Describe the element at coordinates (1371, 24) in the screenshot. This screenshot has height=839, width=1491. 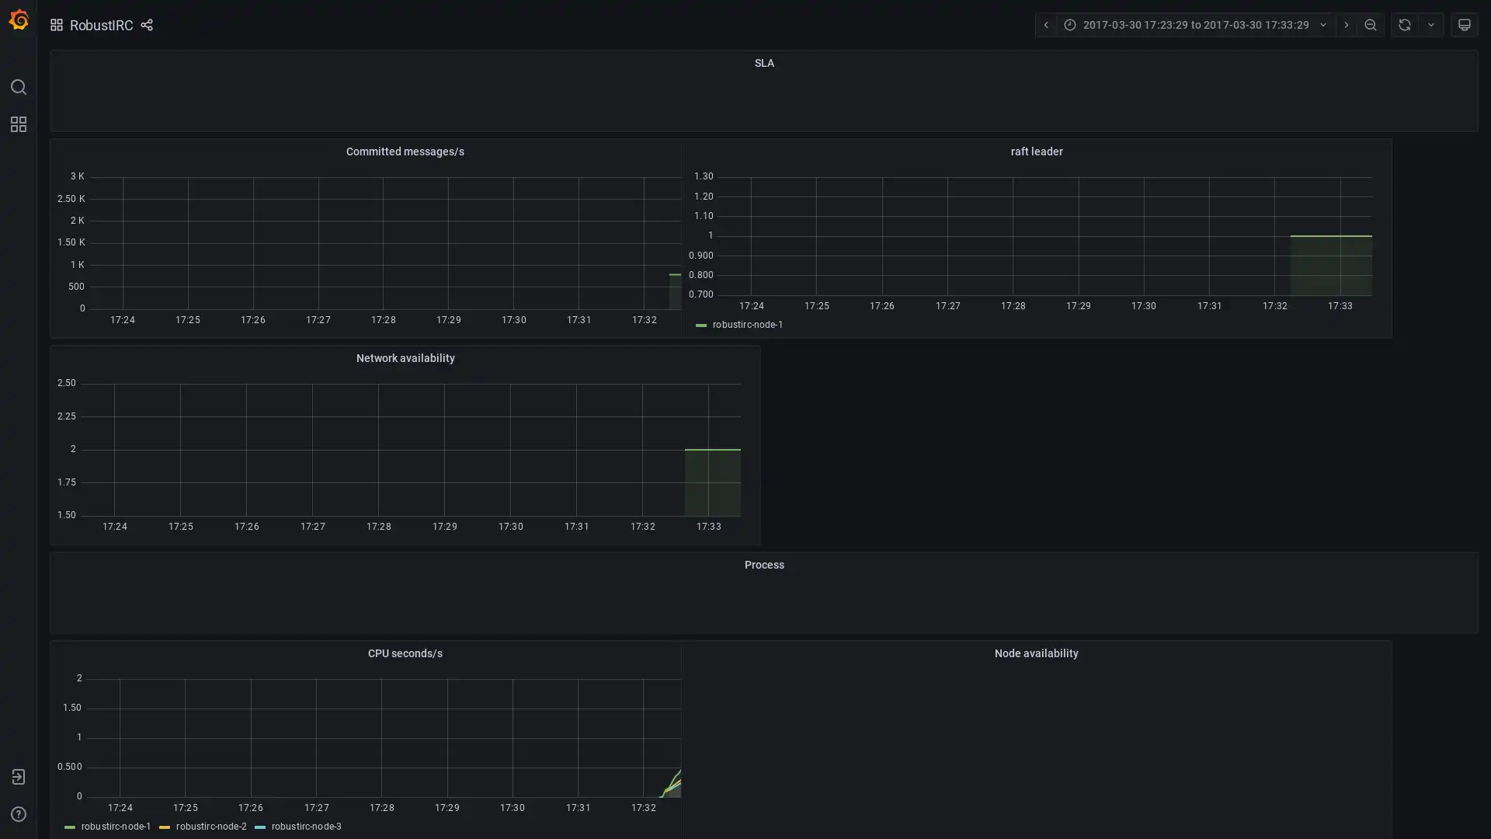
I see `Zoom out time range` at that location.